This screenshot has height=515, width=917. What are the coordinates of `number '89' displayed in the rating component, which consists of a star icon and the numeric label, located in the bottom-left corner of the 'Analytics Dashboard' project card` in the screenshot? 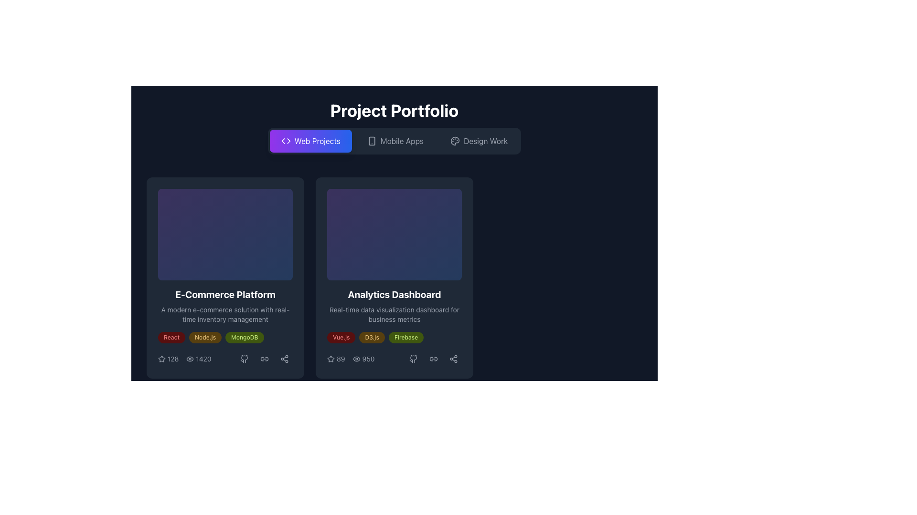 It's located at (336, 359).